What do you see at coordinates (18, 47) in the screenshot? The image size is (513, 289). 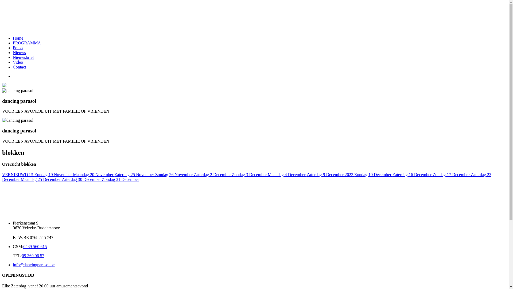 I see `'Foto's'` at bounding box center [18, 47].